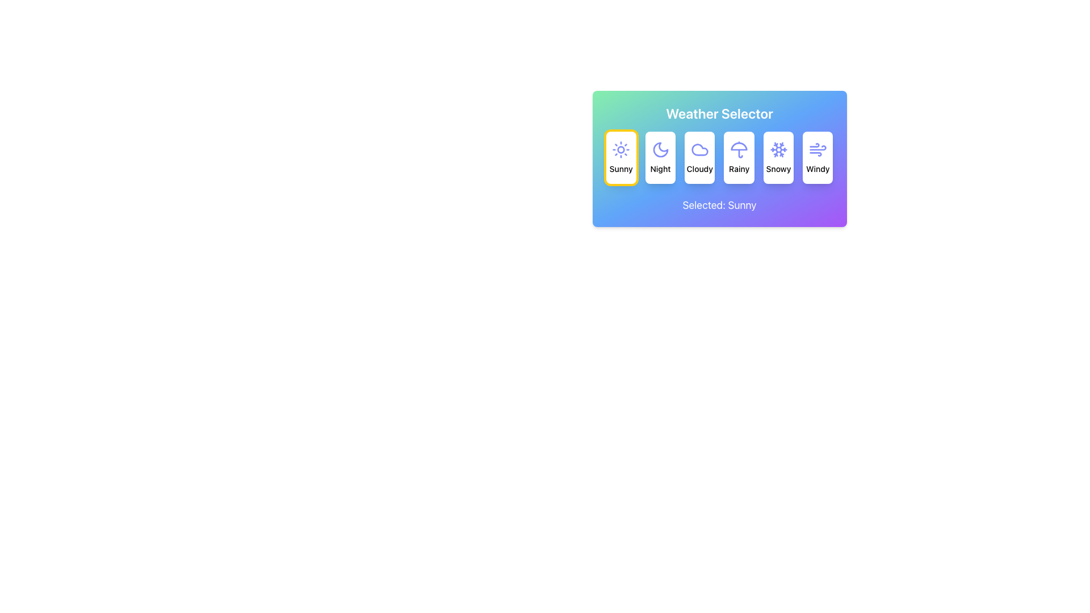 The height and width of the screenshot is (613, 1090). I want to click on the button labeled 'Rainy', which is the fourth item in a horizontal grid of weather options, so click(719, 157).